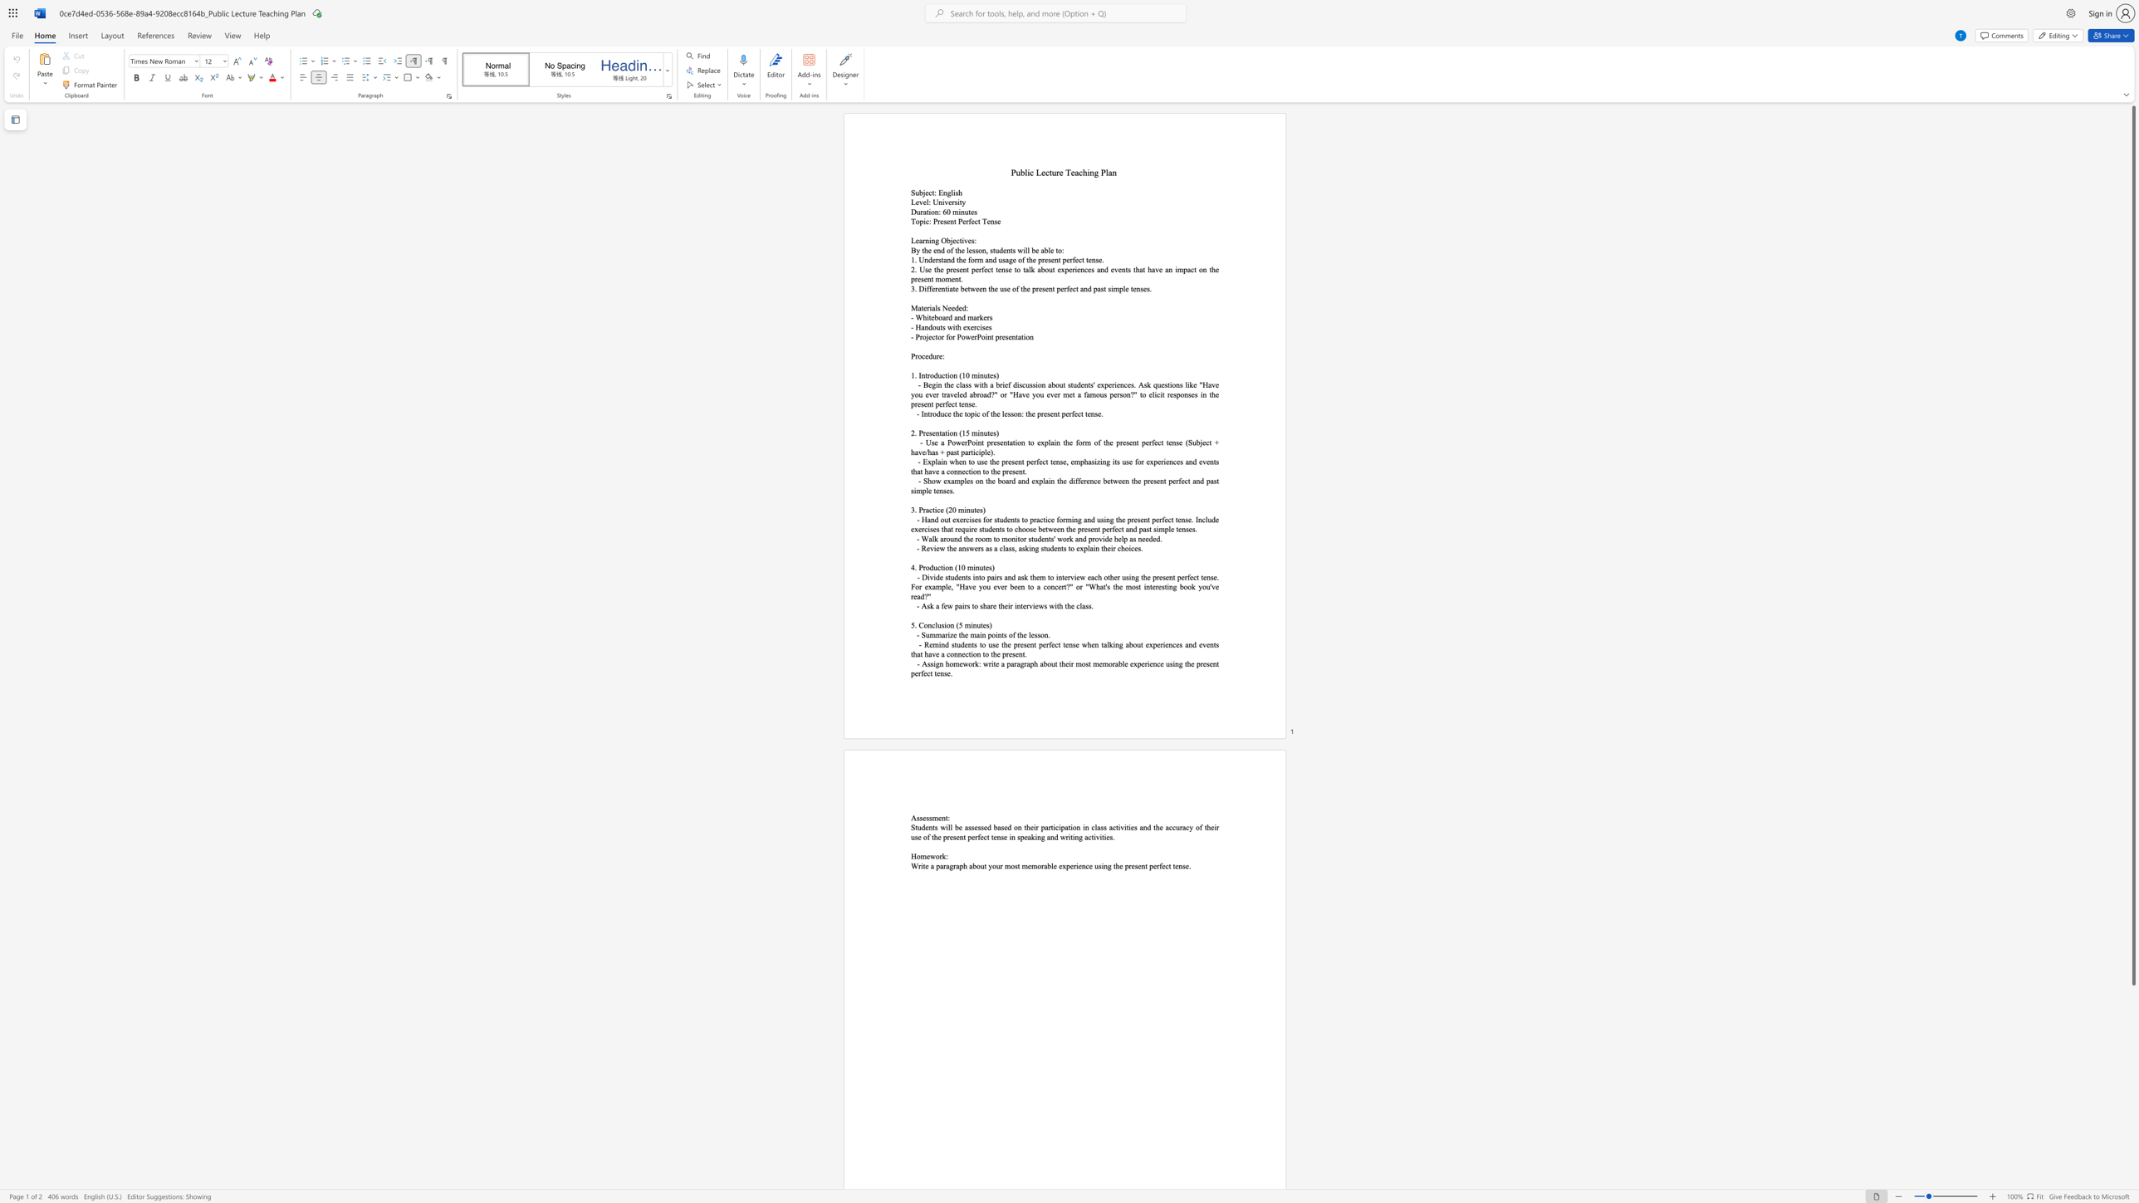 This screenshot has height=1203, width=2139. I want to click on the subset text "Mater" within the text "Materials Needed:", so click(910, 307).